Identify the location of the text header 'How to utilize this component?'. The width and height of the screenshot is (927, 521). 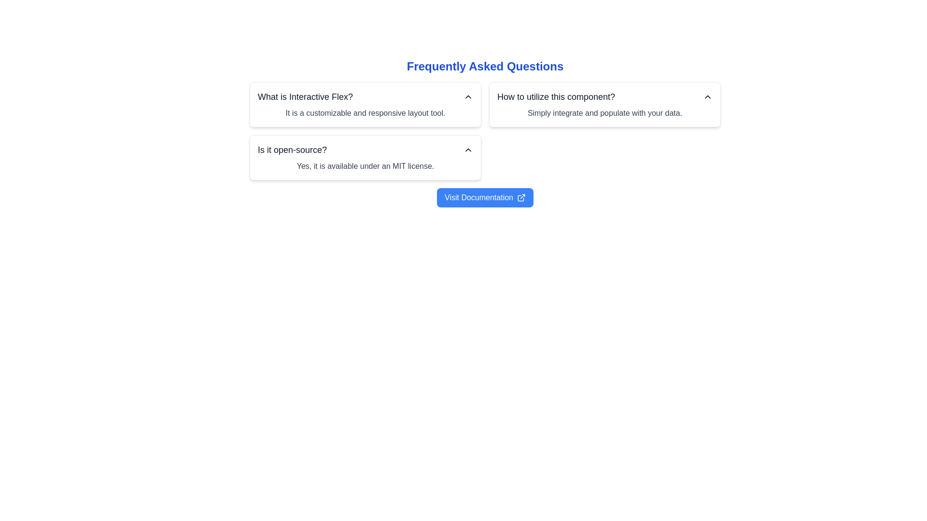
(604, 96).